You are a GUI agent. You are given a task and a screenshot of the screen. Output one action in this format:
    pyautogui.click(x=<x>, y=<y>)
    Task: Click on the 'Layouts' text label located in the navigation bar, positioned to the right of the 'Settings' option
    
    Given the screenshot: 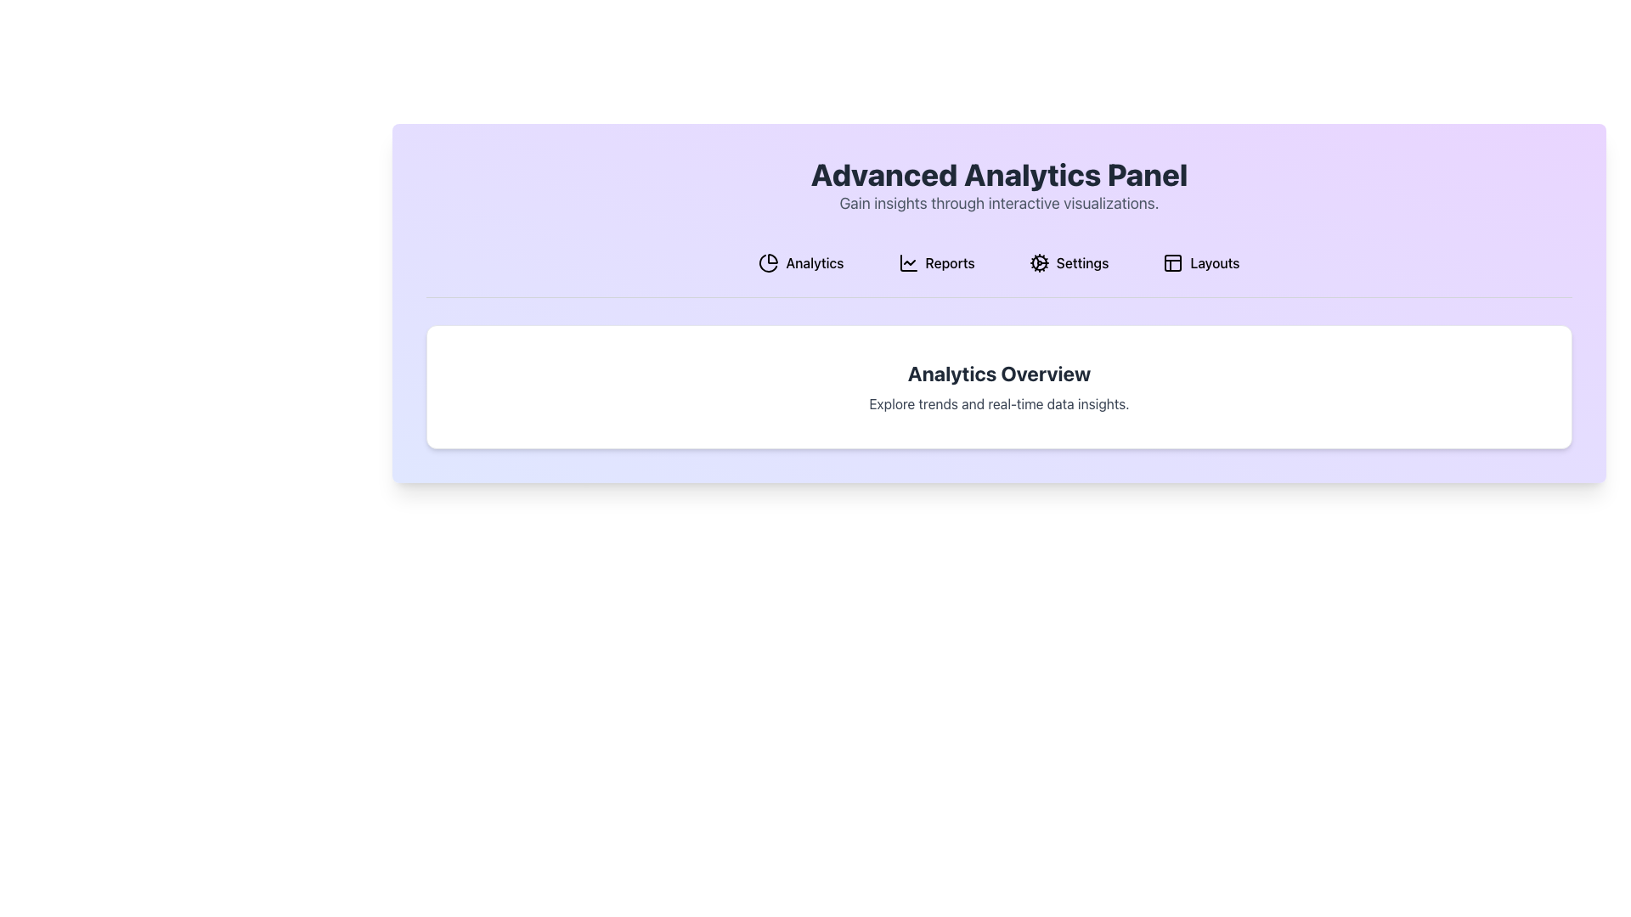 What is the action you would take?
    pyautogui.click(x=1214, y=262)
    